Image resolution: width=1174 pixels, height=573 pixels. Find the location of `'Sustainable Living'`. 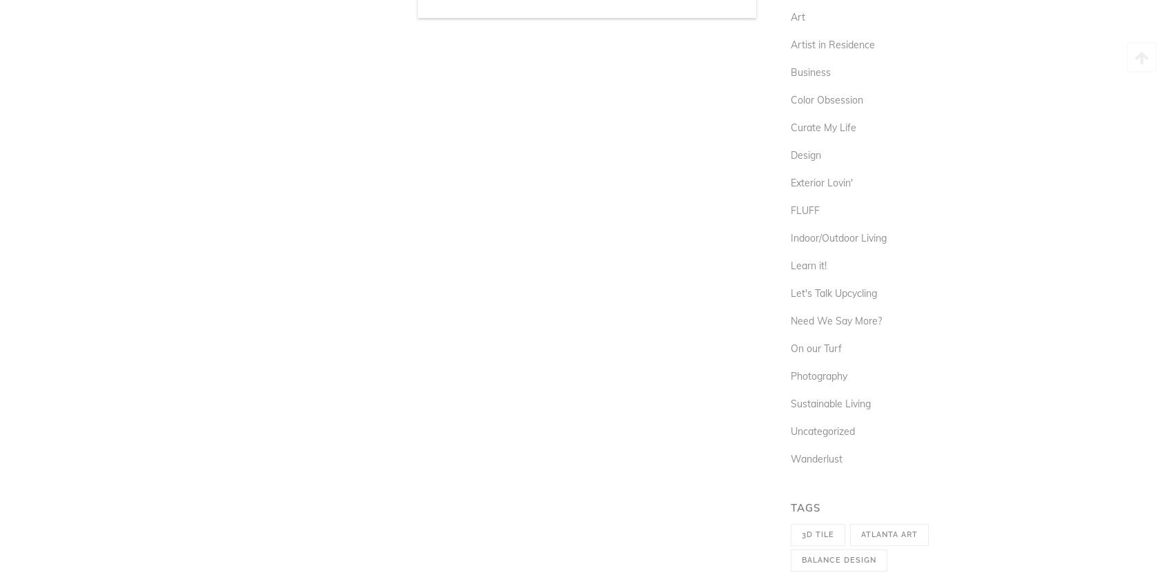

'Sustainable Living' is located at coordinates (829, 403).